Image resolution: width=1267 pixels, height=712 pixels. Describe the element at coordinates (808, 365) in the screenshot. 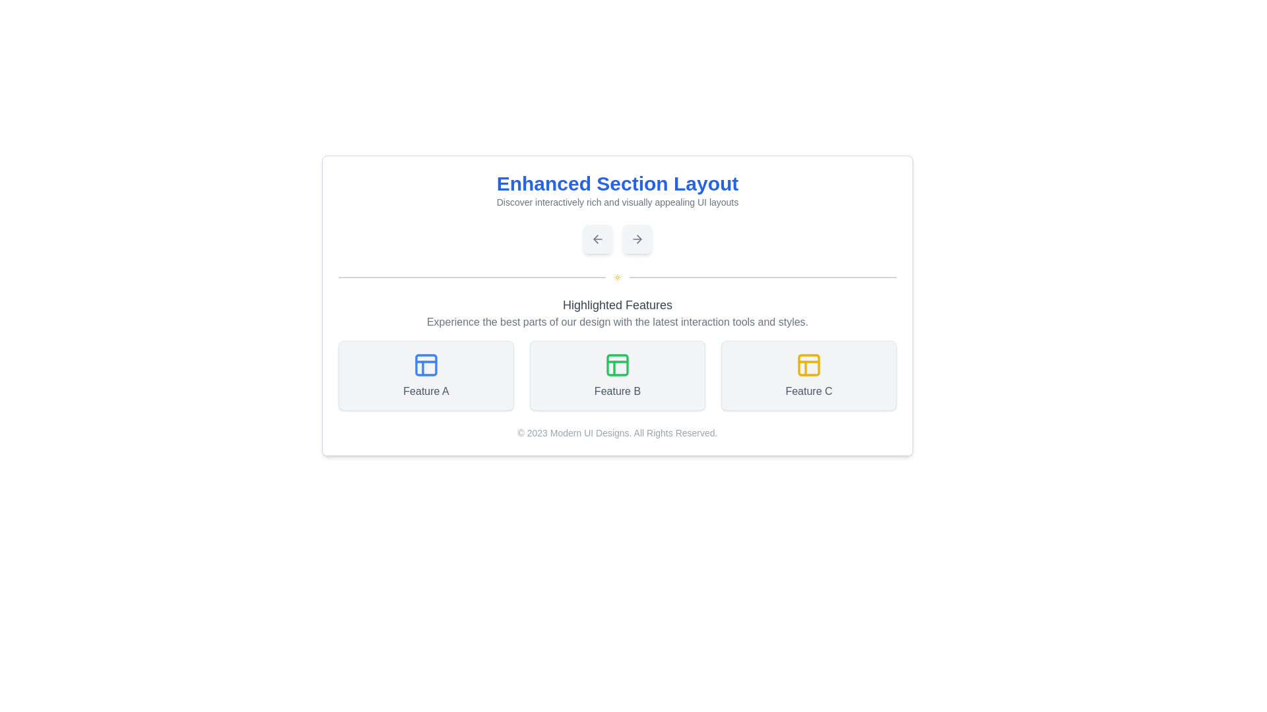

I see `the distinctive yellow icon with a square and two intersecting lines located above the label 'Feature C' in the card on the rightmost side of the layout` at that location.